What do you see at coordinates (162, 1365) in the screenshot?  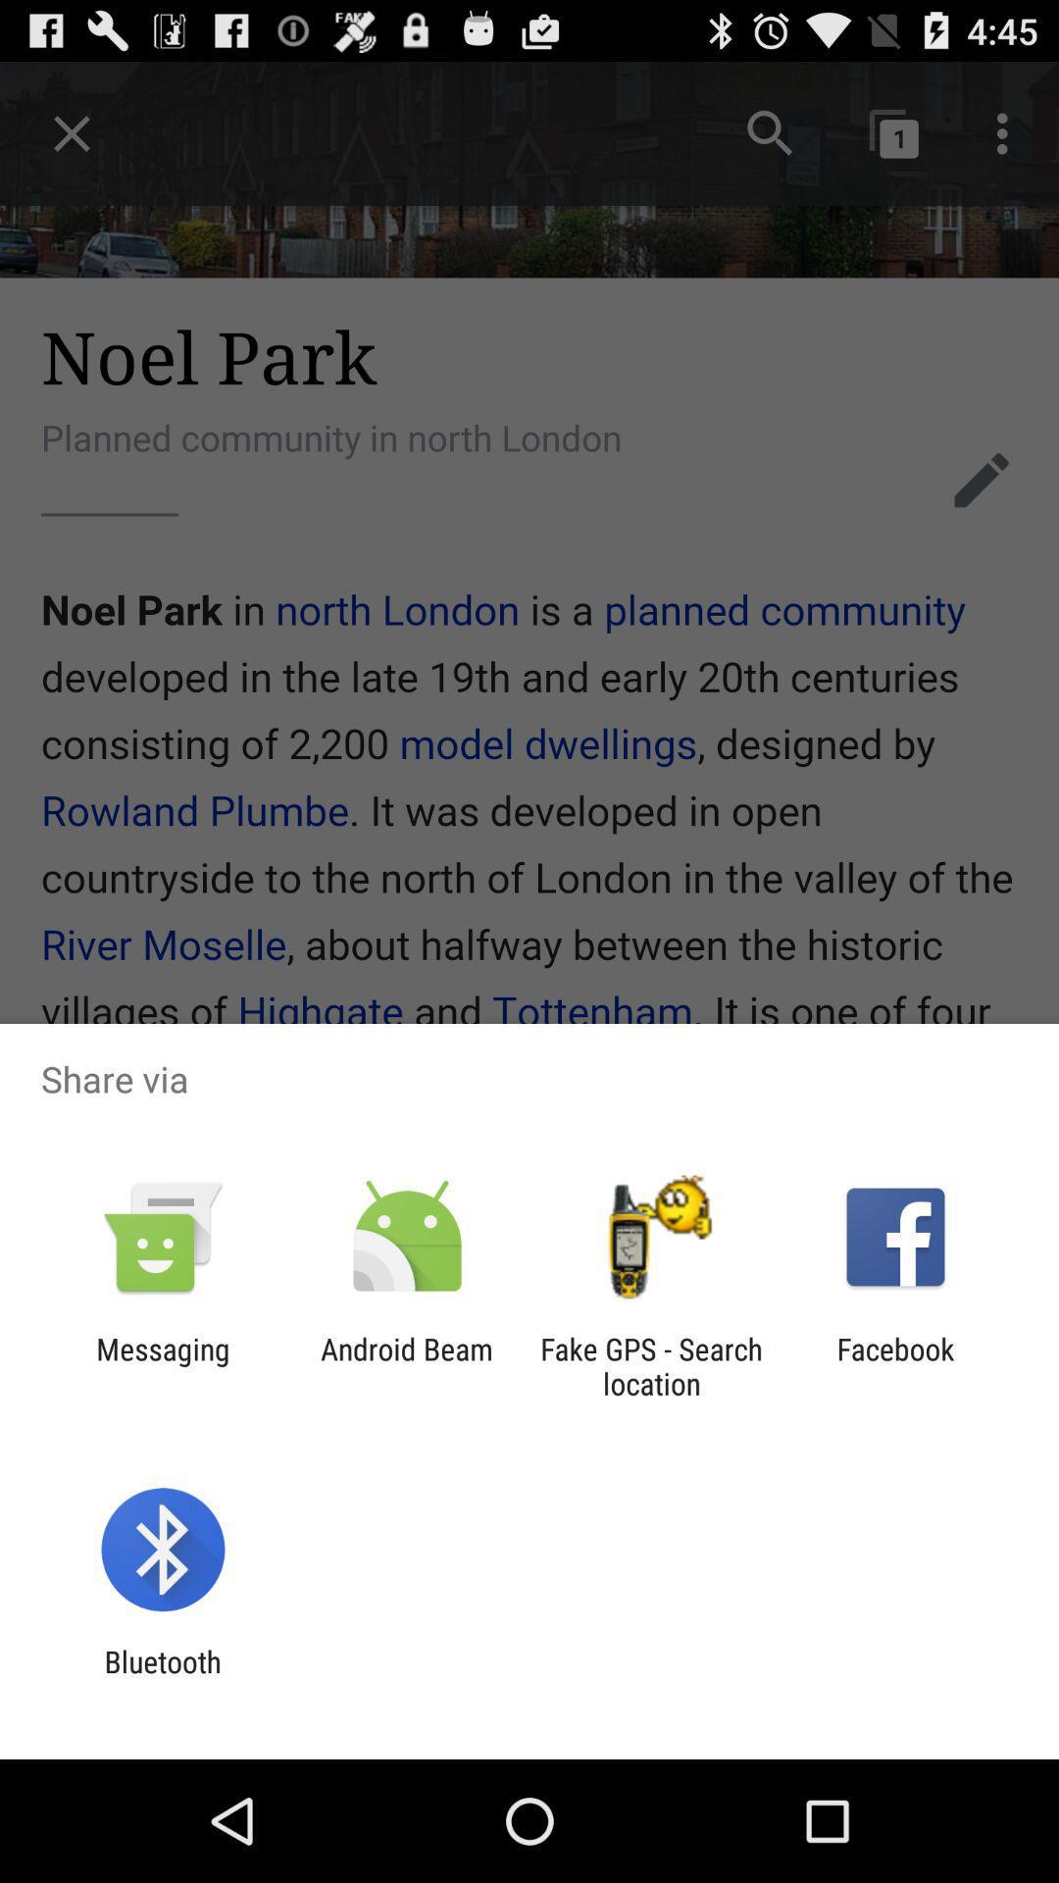 I see `the item next to android beam` at bounding box center [162, 1365].